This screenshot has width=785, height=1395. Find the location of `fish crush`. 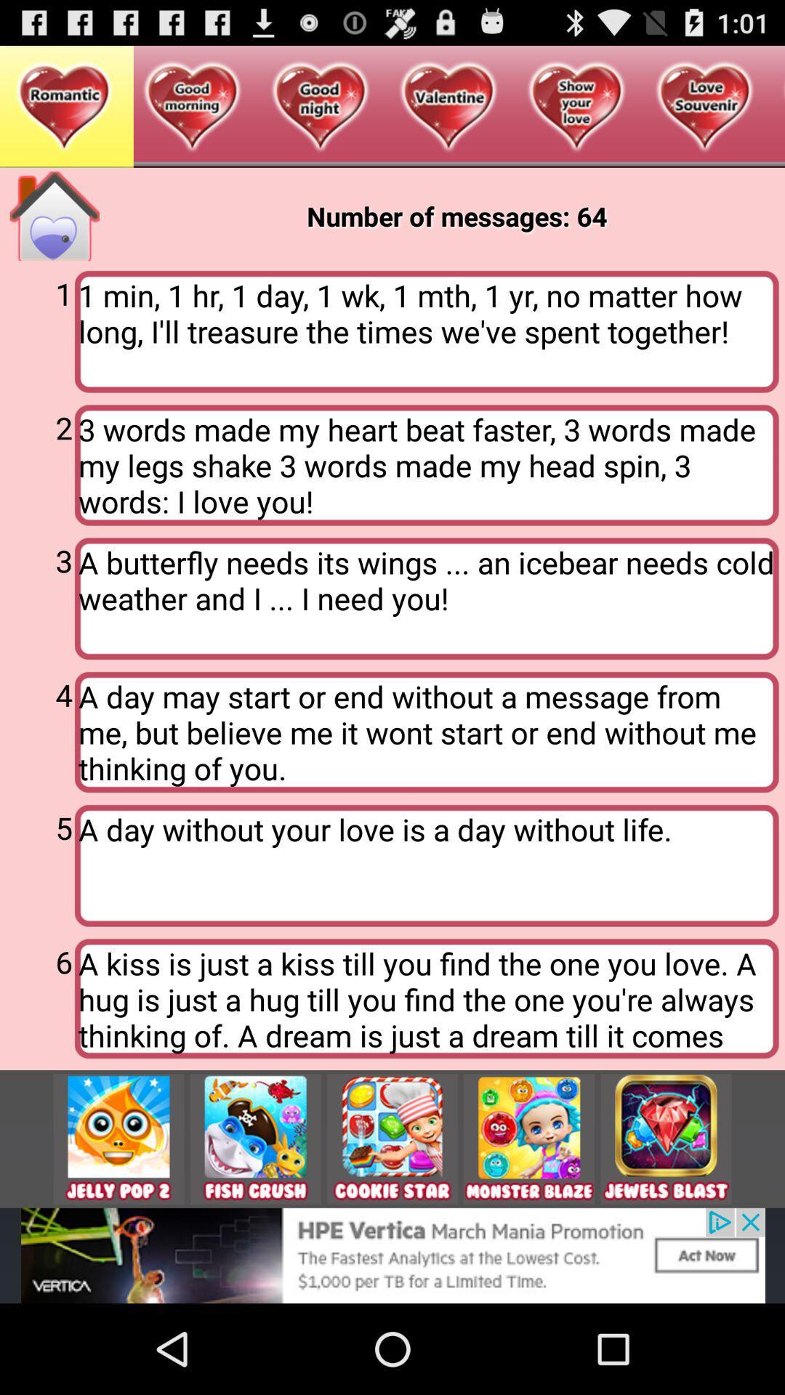

fish crush is located at coordinates (254, 1138).